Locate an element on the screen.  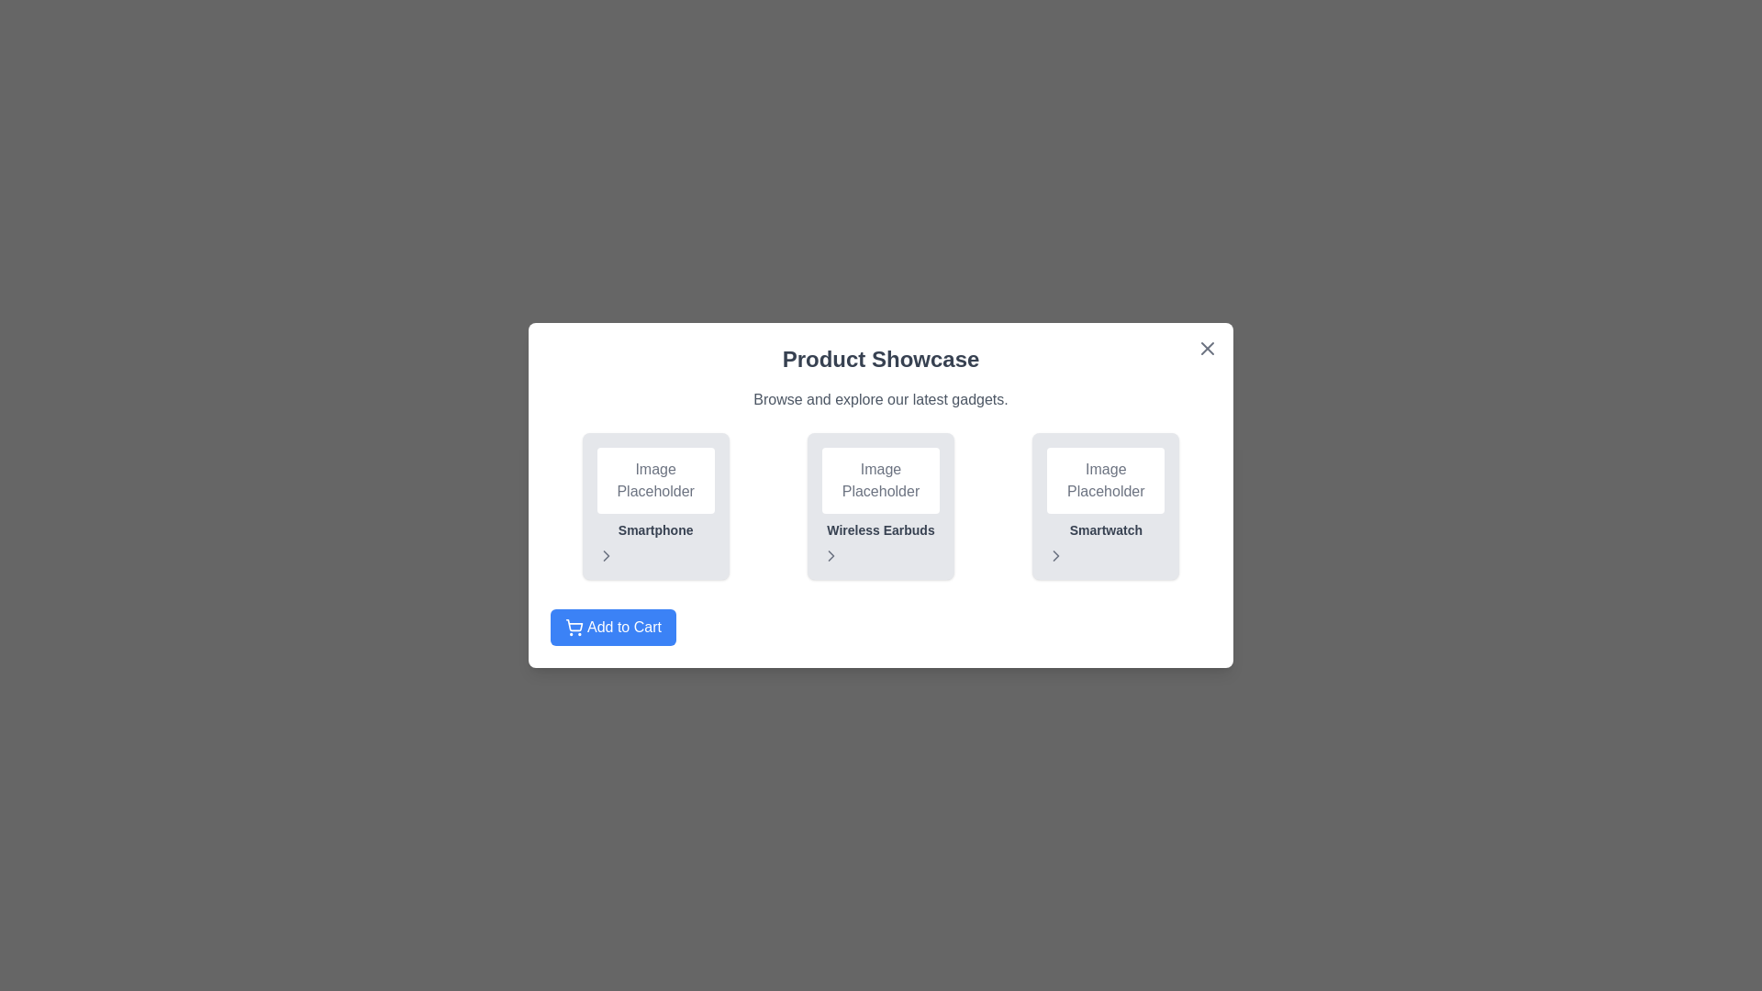
the right-chevron icon, which has a thin black outline and is located below the 'Smartwatch' text is located at coordinates (1056, 554).